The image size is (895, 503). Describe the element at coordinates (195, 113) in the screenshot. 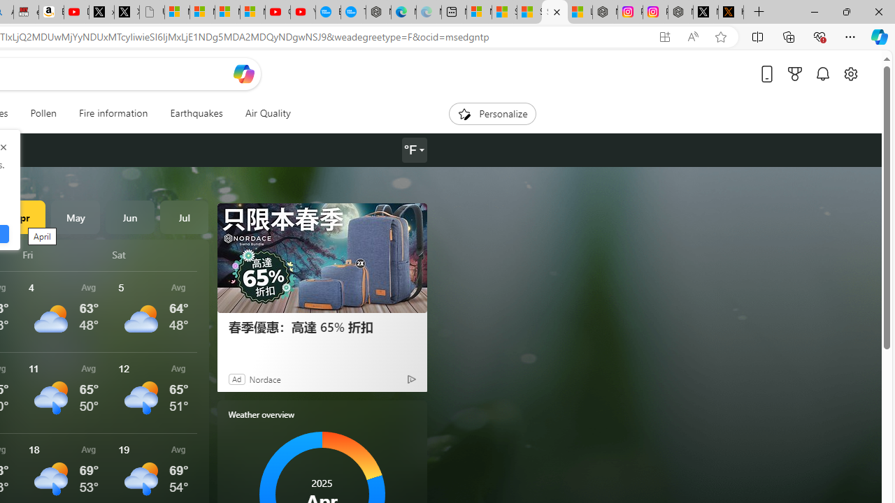

I see `'Earthquakes'` at that location.